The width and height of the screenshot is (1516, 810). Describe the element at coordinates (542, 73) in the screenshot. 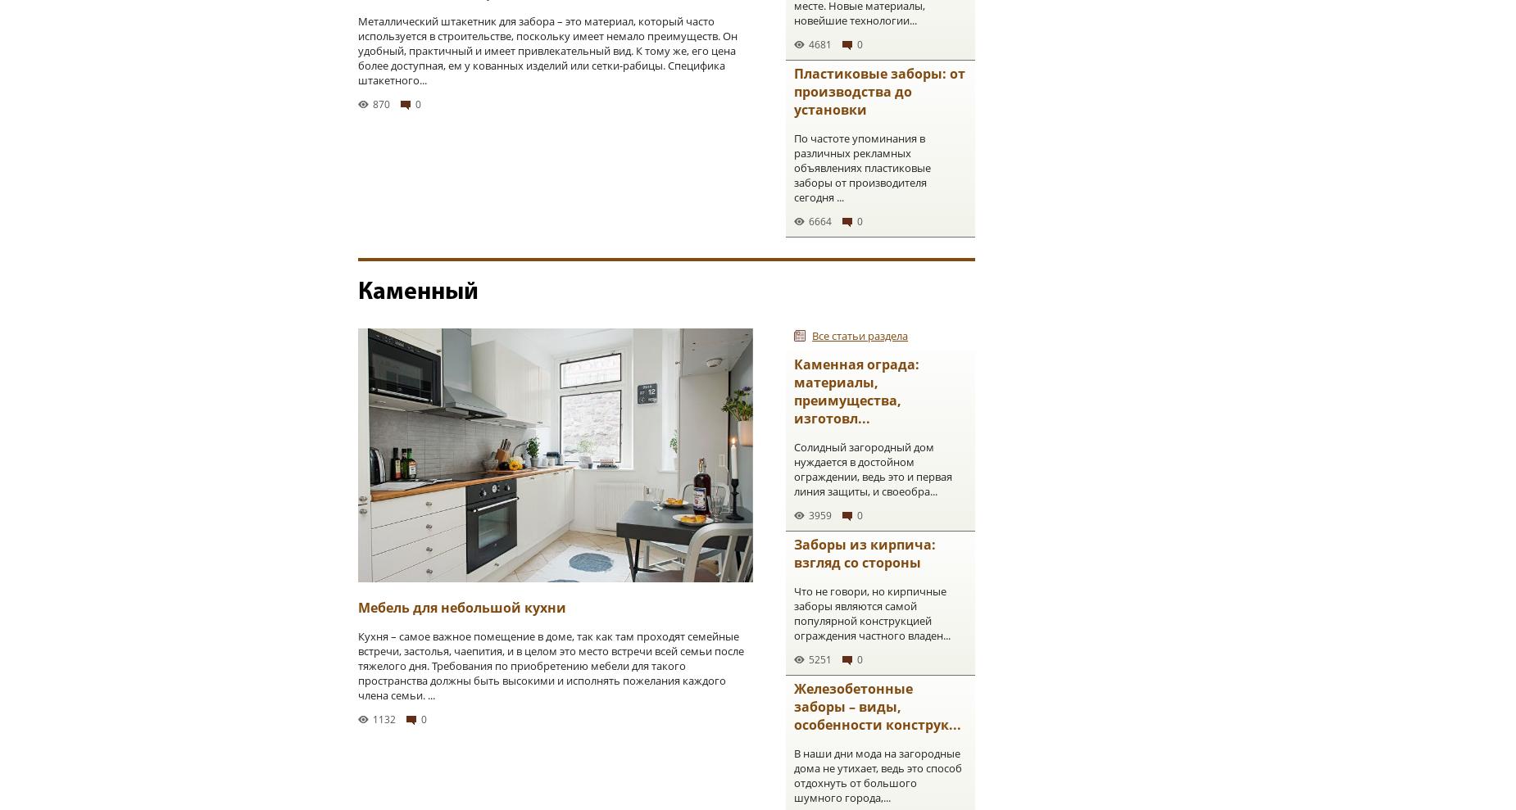

I see `'Специфика штакетного...'` at that location.